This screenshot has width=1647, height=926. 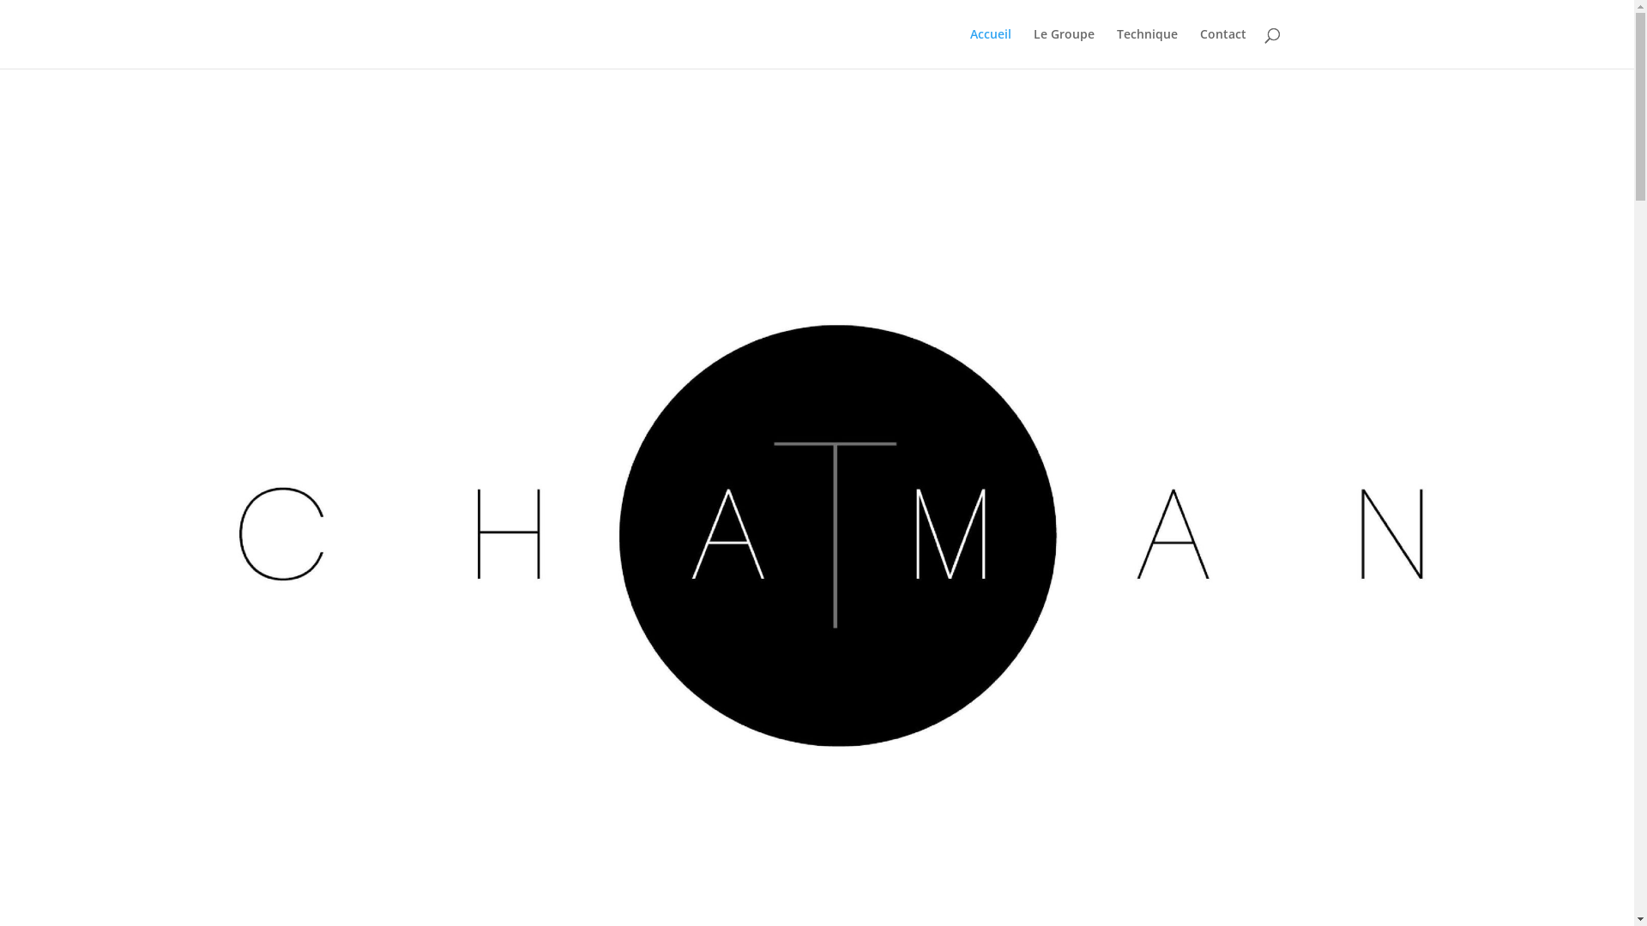 What do you see at coordinates (1062, 47) in the screenshot?
I see `'Le Groupe'` at bounding box center [1062, 47].